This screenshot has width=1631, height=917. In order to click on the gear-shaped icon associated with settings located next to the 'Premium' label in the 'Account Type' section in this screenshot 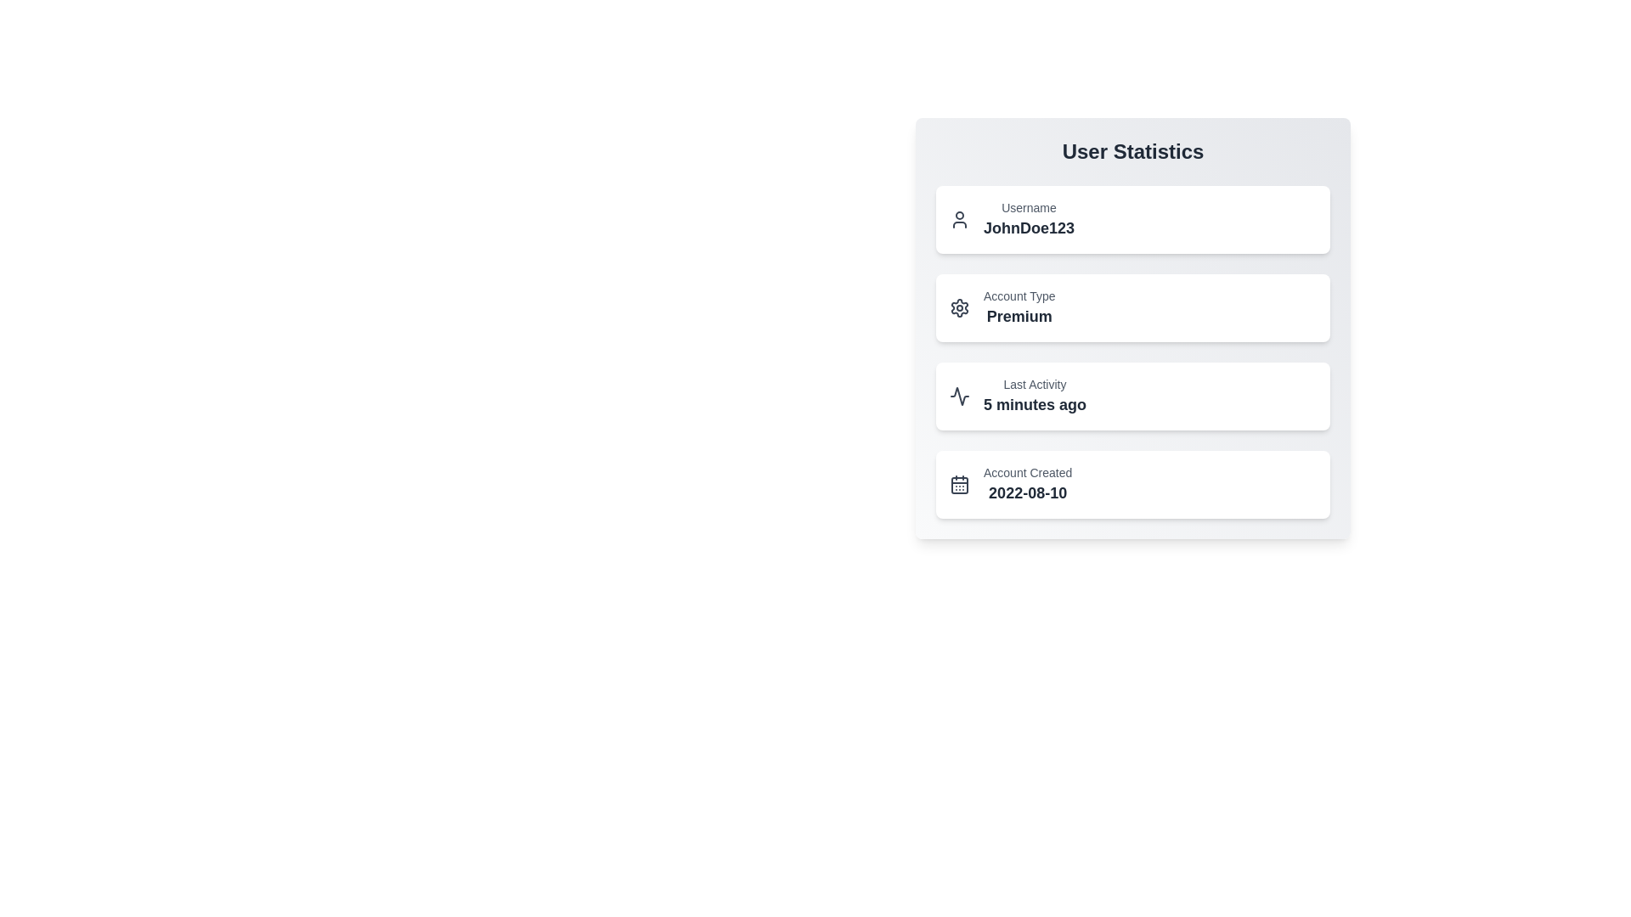, I will do `click(959, 307)`.